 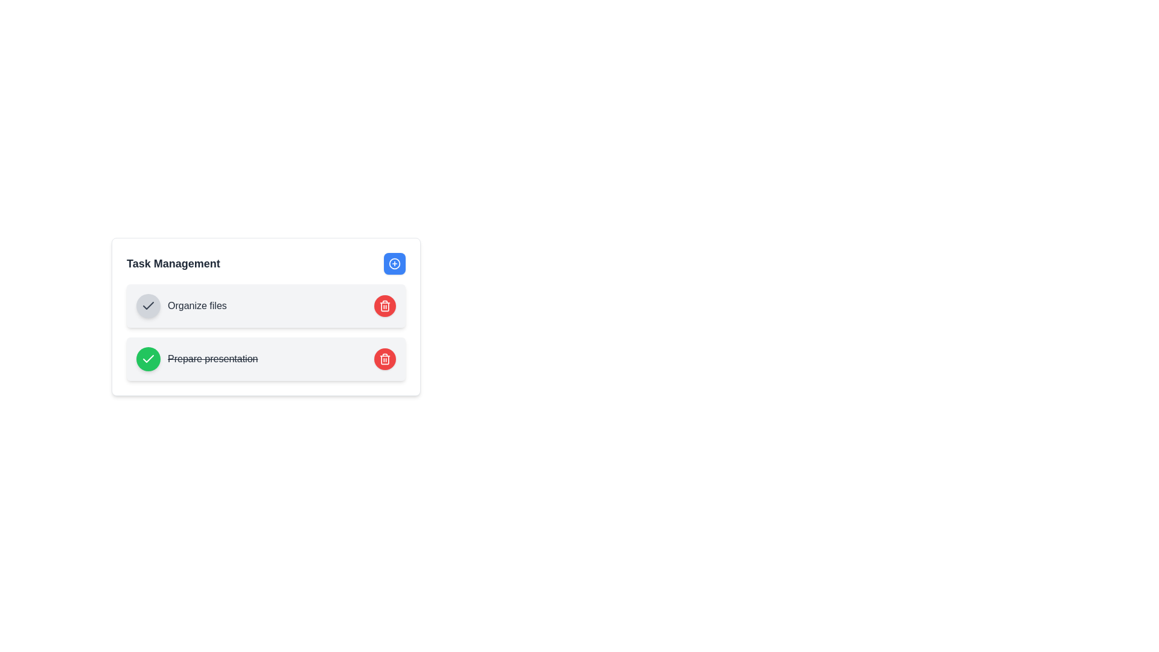 I want to click on the checkbox on the first task card in the to-do list to mark the task as complete, so click(x=266, y=316).